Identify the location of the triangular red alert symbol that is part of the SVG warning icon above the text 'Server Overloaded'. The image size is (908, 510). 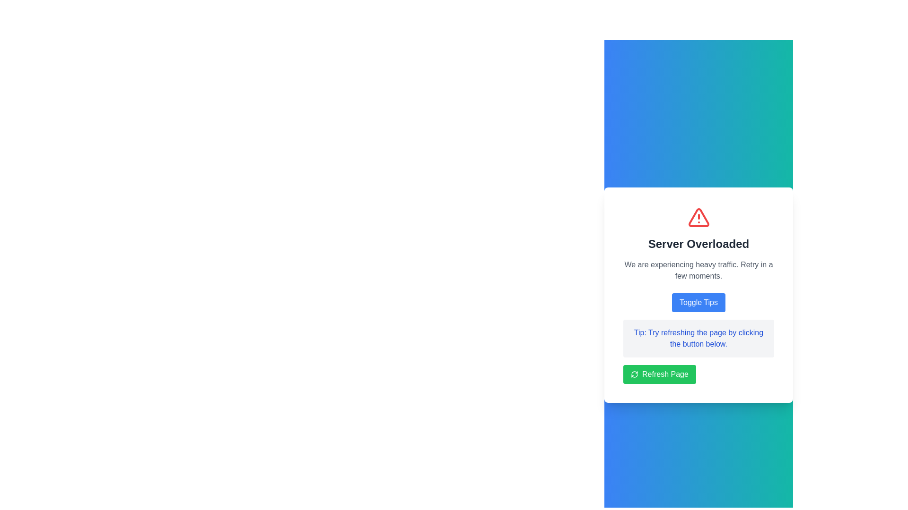
(698, 217).